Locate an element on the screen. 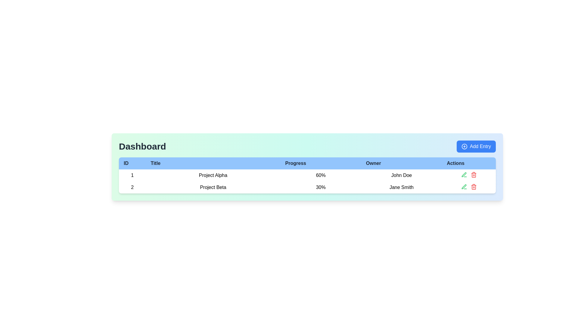 The image size is (578, 325). the delete button icon for 'Project Beta' associated with 'Jane Smith' is located at coordinates (473, 187).